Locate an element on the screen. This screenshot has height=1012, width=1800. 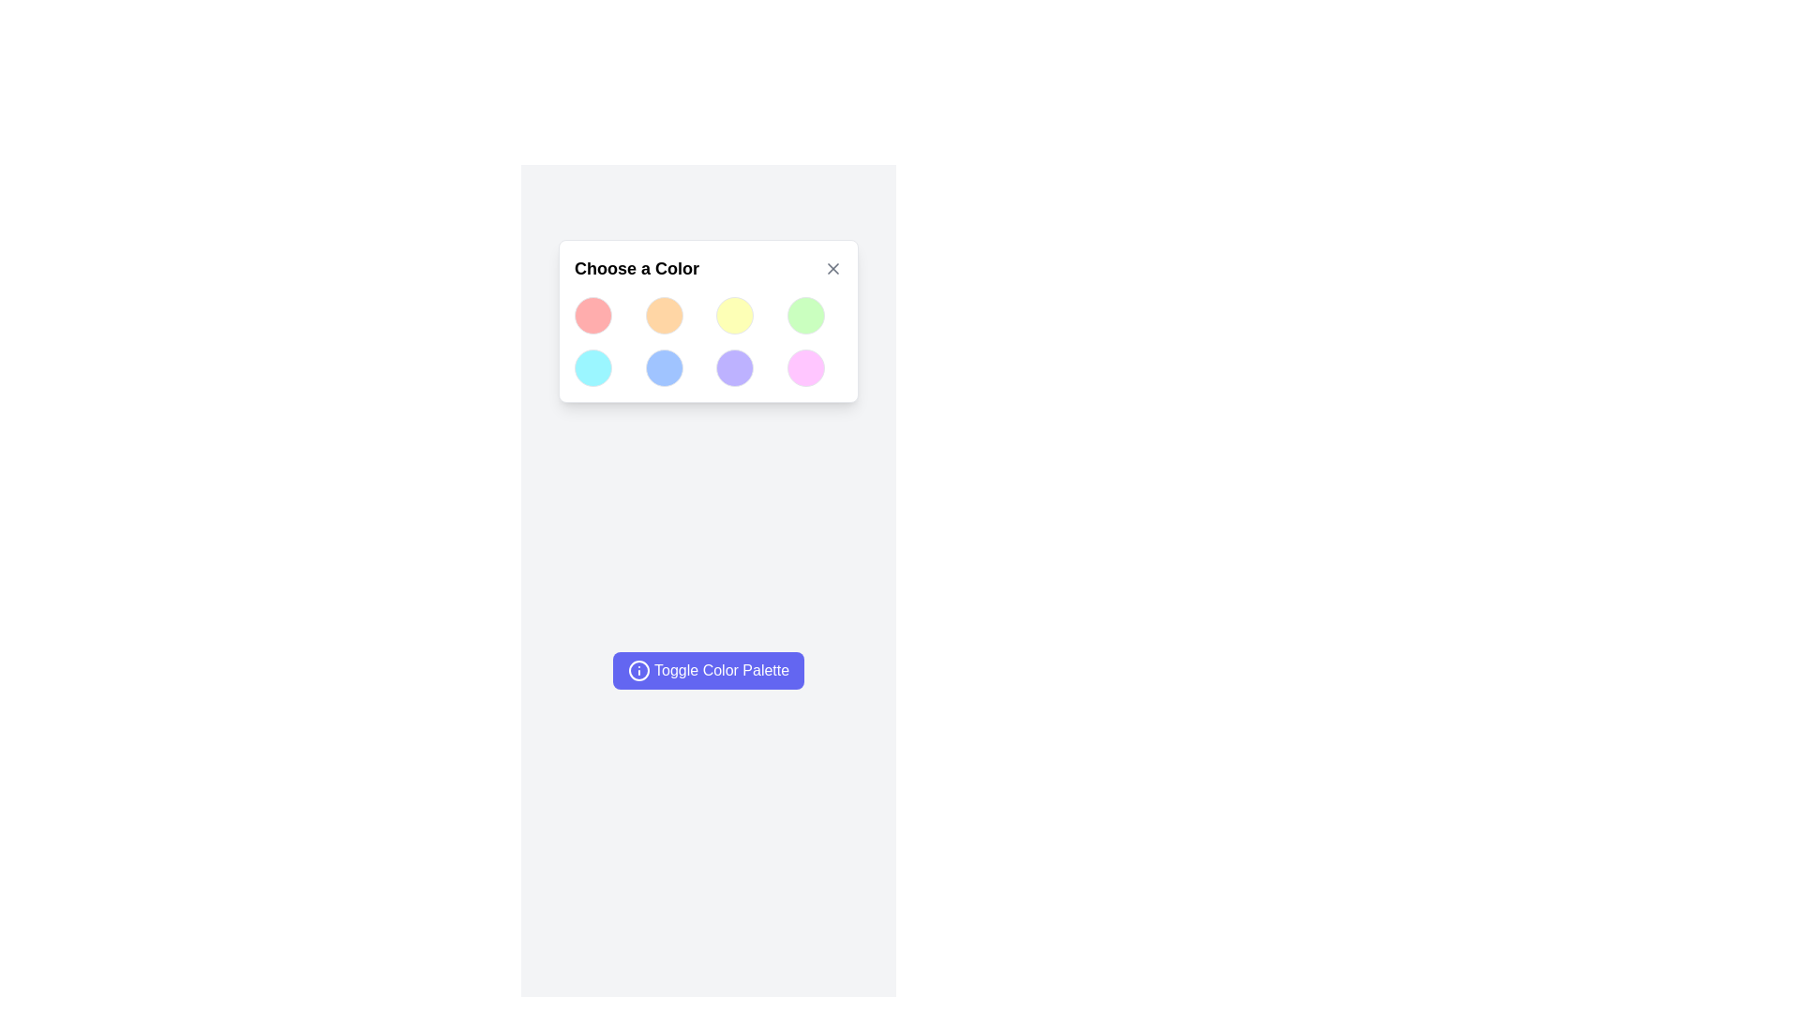
the pastel orange selectable color circle in the second column of the first row in the color palette pop-up is located at coordinates (664, 314).